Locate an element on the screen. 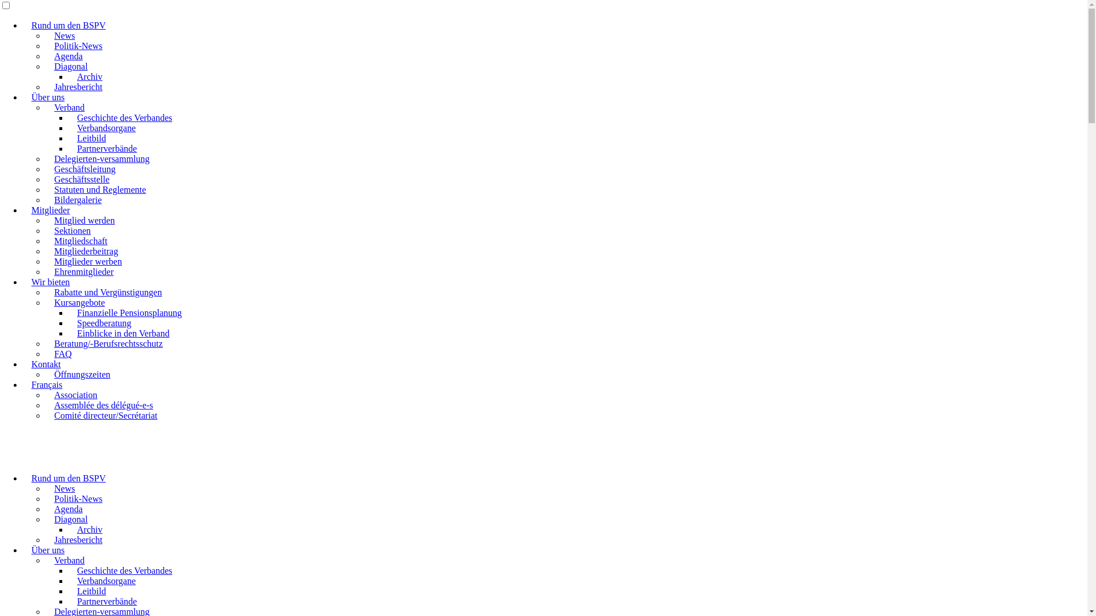  'Mitglieder' is located at coordinates (22, 210).